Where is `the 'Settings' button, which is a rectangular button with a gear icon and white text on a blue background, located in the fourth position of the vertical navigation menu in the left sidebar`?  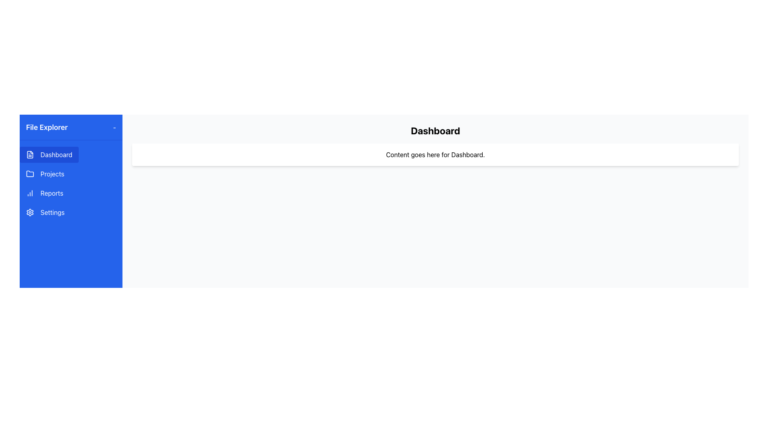 the 'Settings' button, which is a rectangular button with a gear icon and white text on a blue background, located in the fourth position of the vertical navigation menu in the left sidebar is located at coordinates (45, 212).